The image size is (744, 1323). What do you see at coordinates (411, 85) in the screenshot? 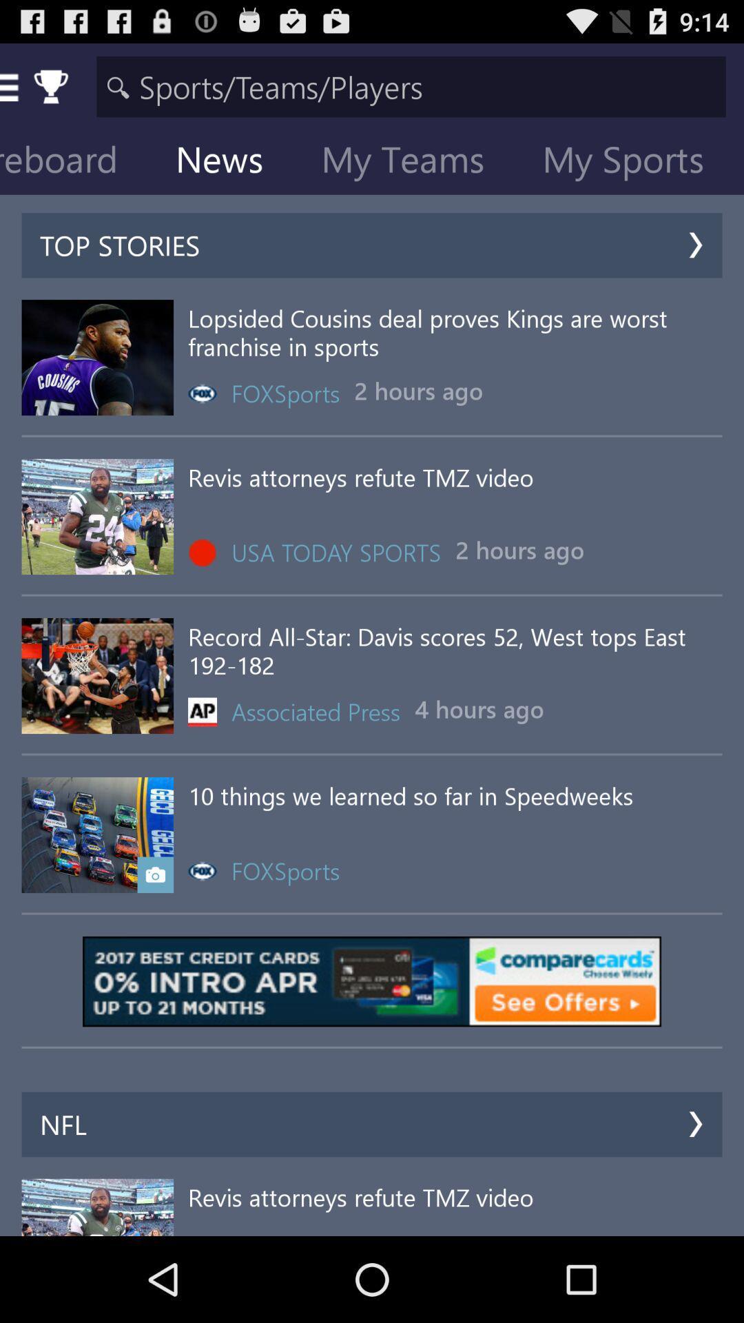
I see `word to search` at bounding box center [411, 85].